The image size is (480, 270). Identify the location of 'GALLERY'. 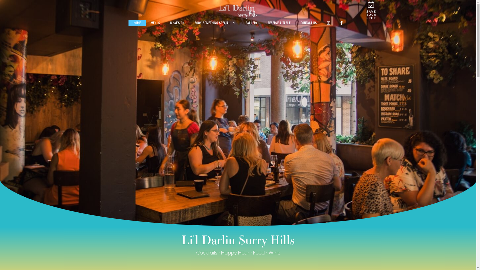
(251, 23).